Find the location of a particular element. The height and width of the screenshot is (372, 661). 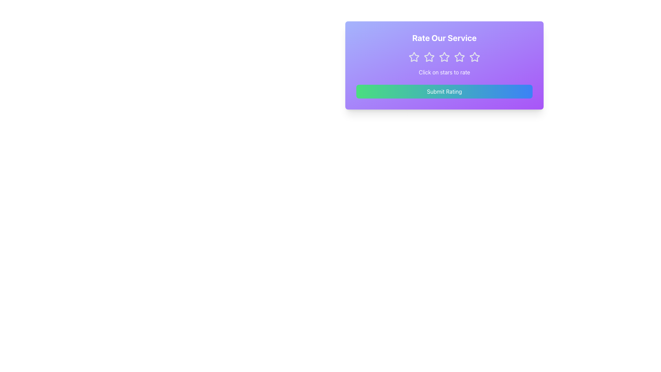

the fourth star-shaped rating icon, which is highlighted and positioned under 'Rate Our Service' is located at coordinates (474, 56).